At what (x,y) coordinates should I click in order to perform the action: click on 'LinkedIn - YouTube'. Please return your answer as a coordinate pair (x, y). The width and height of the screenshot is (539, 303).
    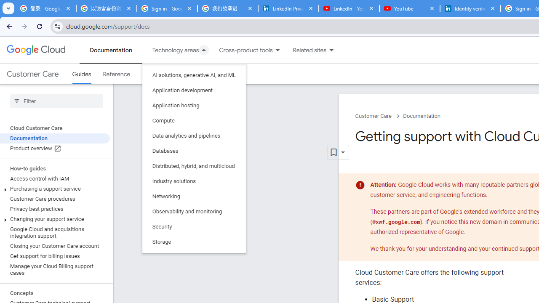
    Looking at the image, I should click on (349, 8).